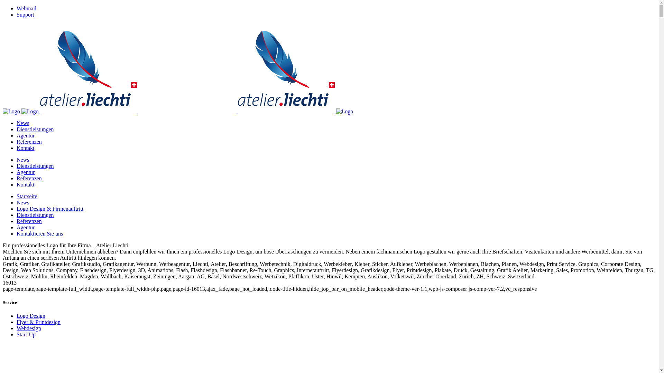  Describe the element at coordinates (26, 8) in the screenshot. I see `'Webmail'` at that location.